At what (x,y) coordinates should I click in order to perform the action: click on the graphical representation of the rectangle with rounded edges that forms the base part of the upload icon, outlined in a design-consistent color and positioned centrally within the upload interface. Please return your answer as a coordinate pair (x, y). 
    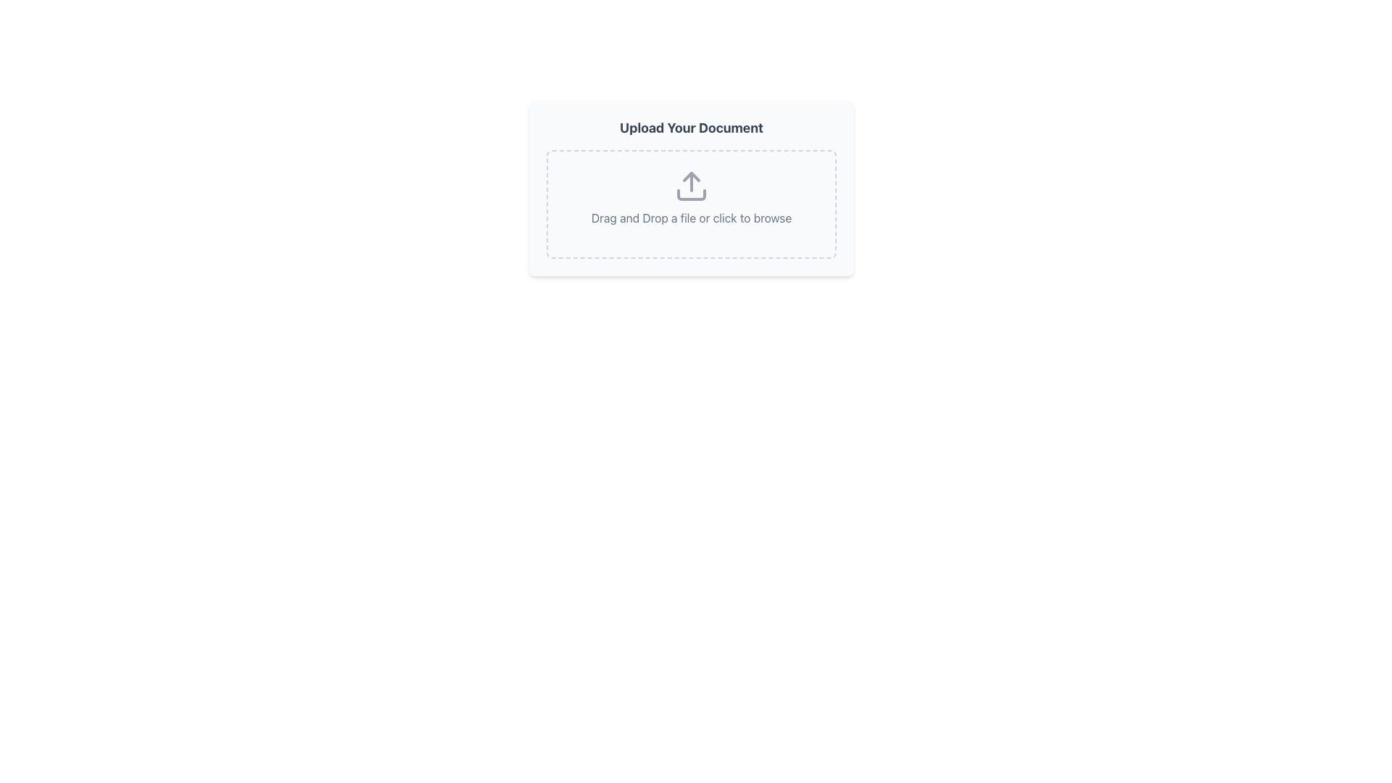
    Looking at the image, I should click on (691, 194).